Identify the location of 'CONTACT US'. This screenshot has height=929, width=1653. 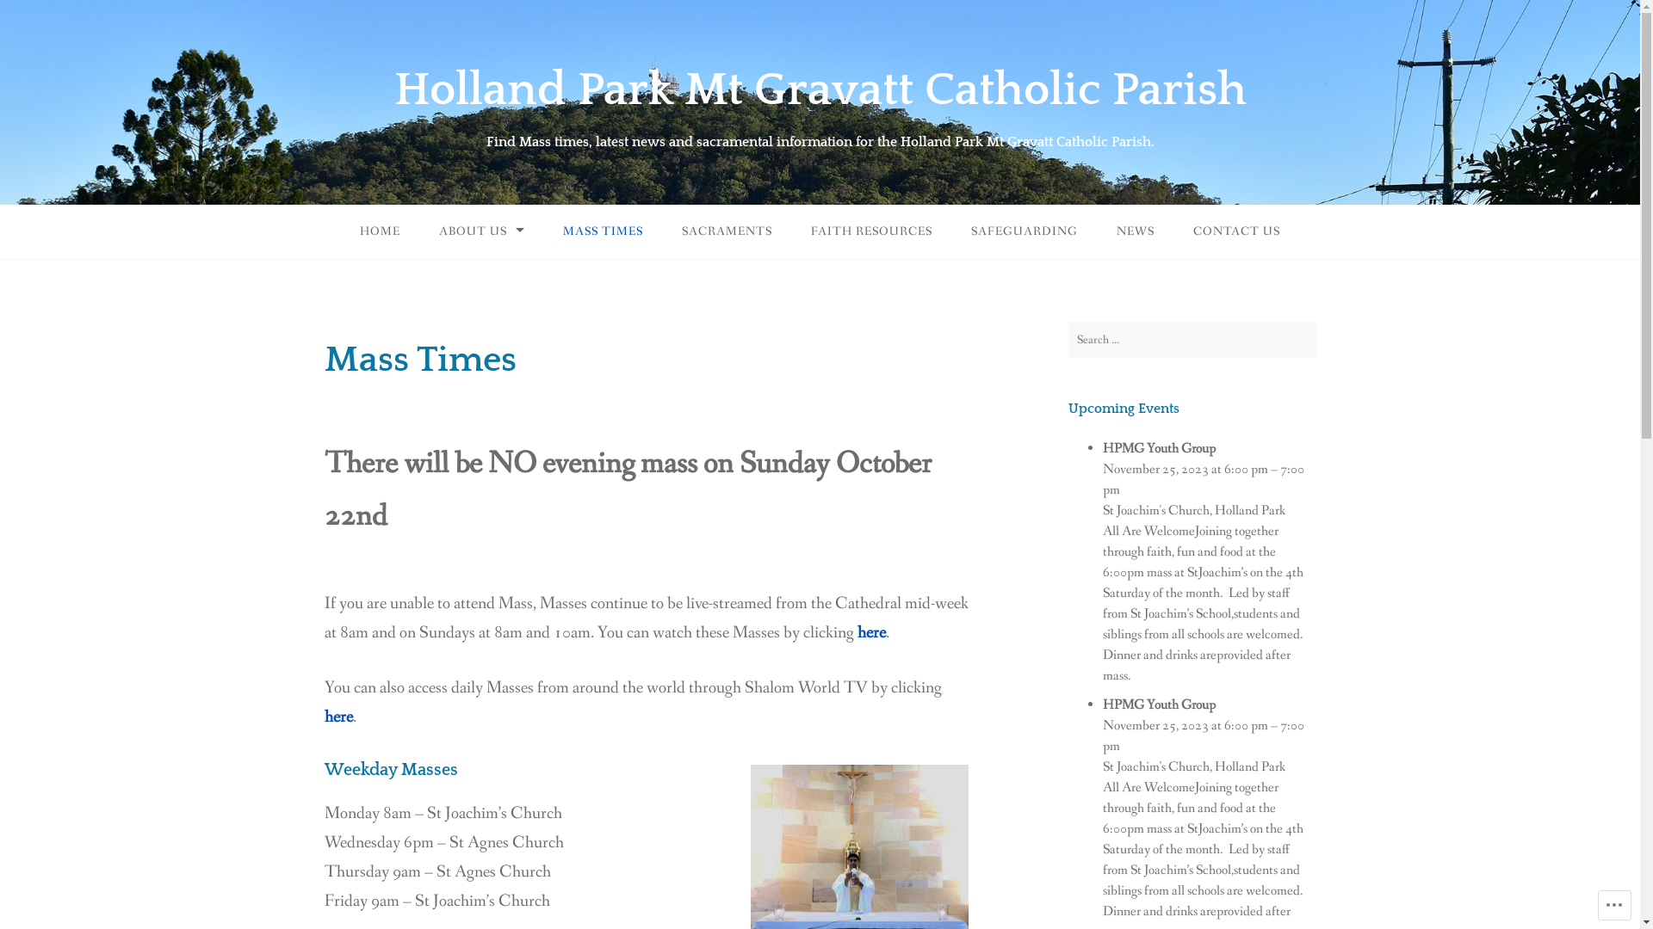
(1235, 231).